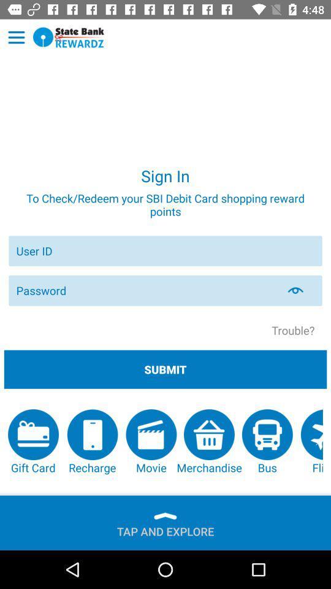 The image size is (331, 589). What do you see at coordinates (165, 369) in the screenshot?
I see `app below trouble?` at bounding box center [165, 369].